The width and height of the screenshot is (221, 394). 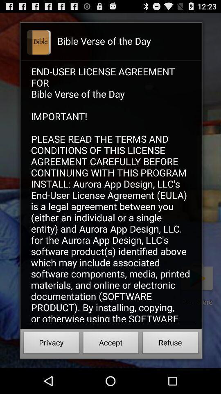 What do you see at coordinates (110, 344) in the screenshot?
I see `the item to the right of privacy item` at bounding box center [110, 344].